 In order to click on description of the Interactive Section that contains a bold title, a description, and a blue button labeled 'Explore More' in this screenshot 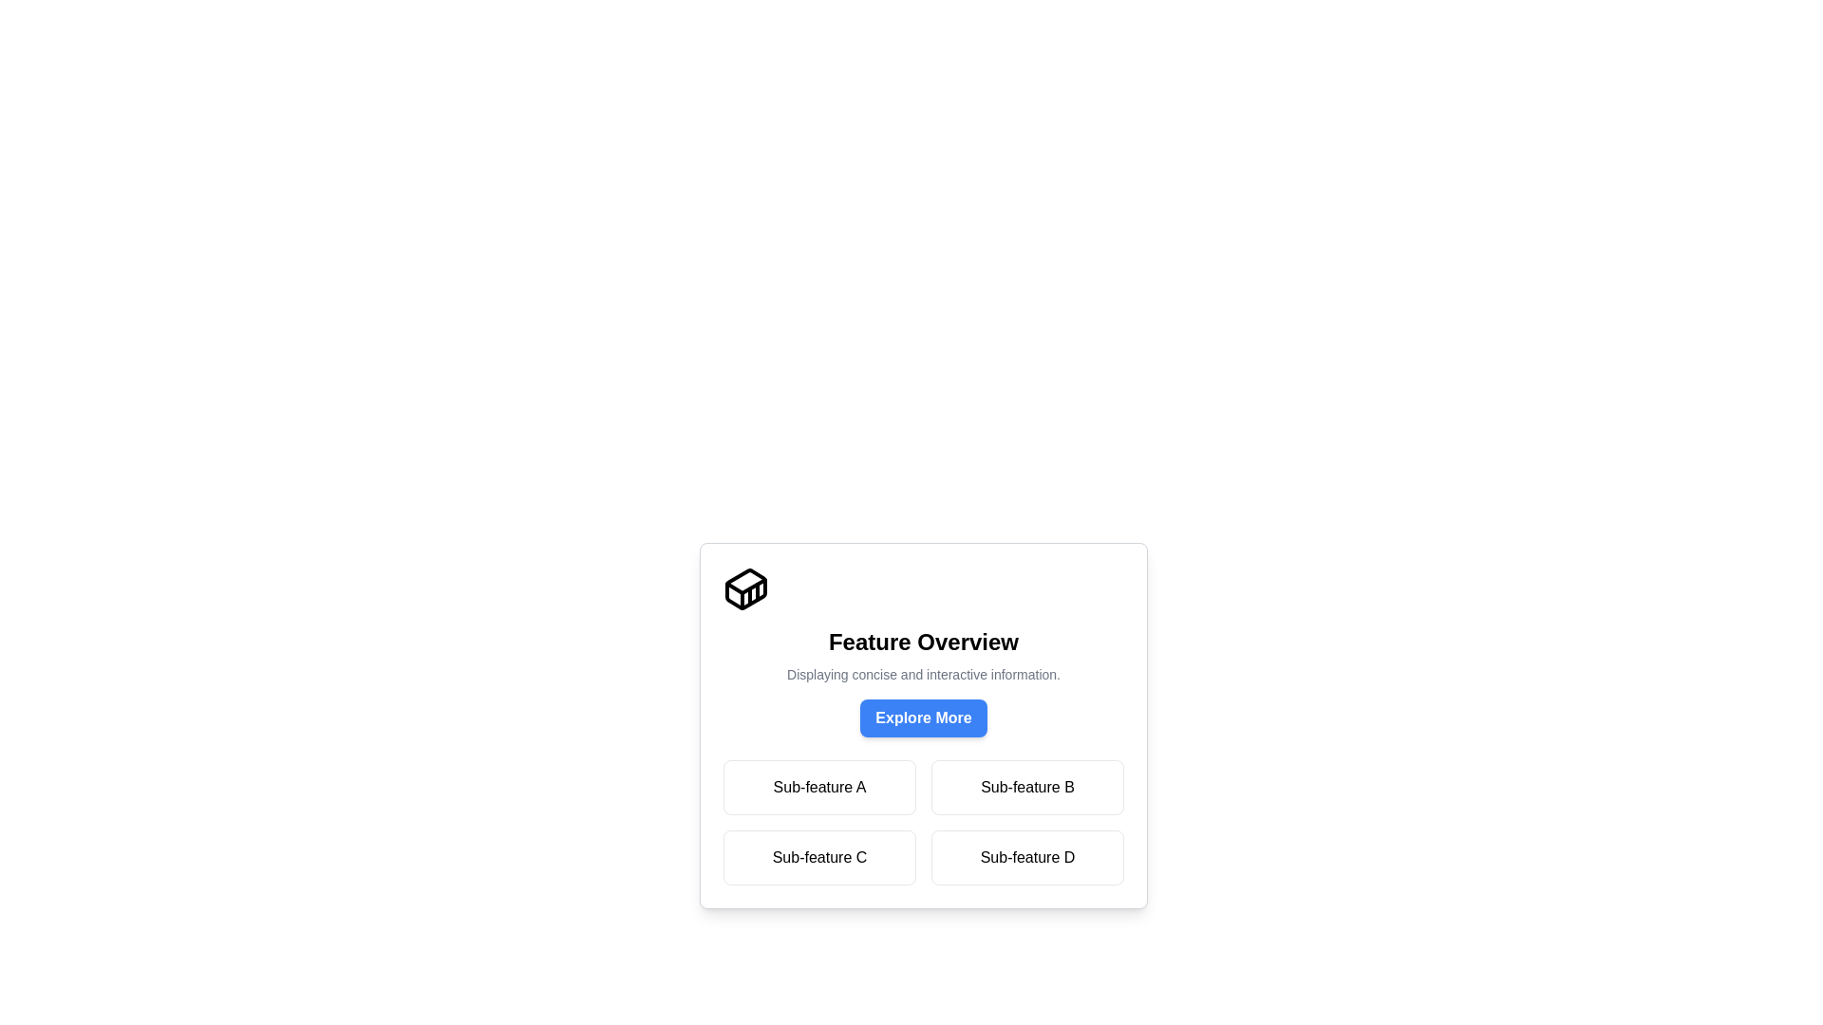, I will do `click(924, 725)`.